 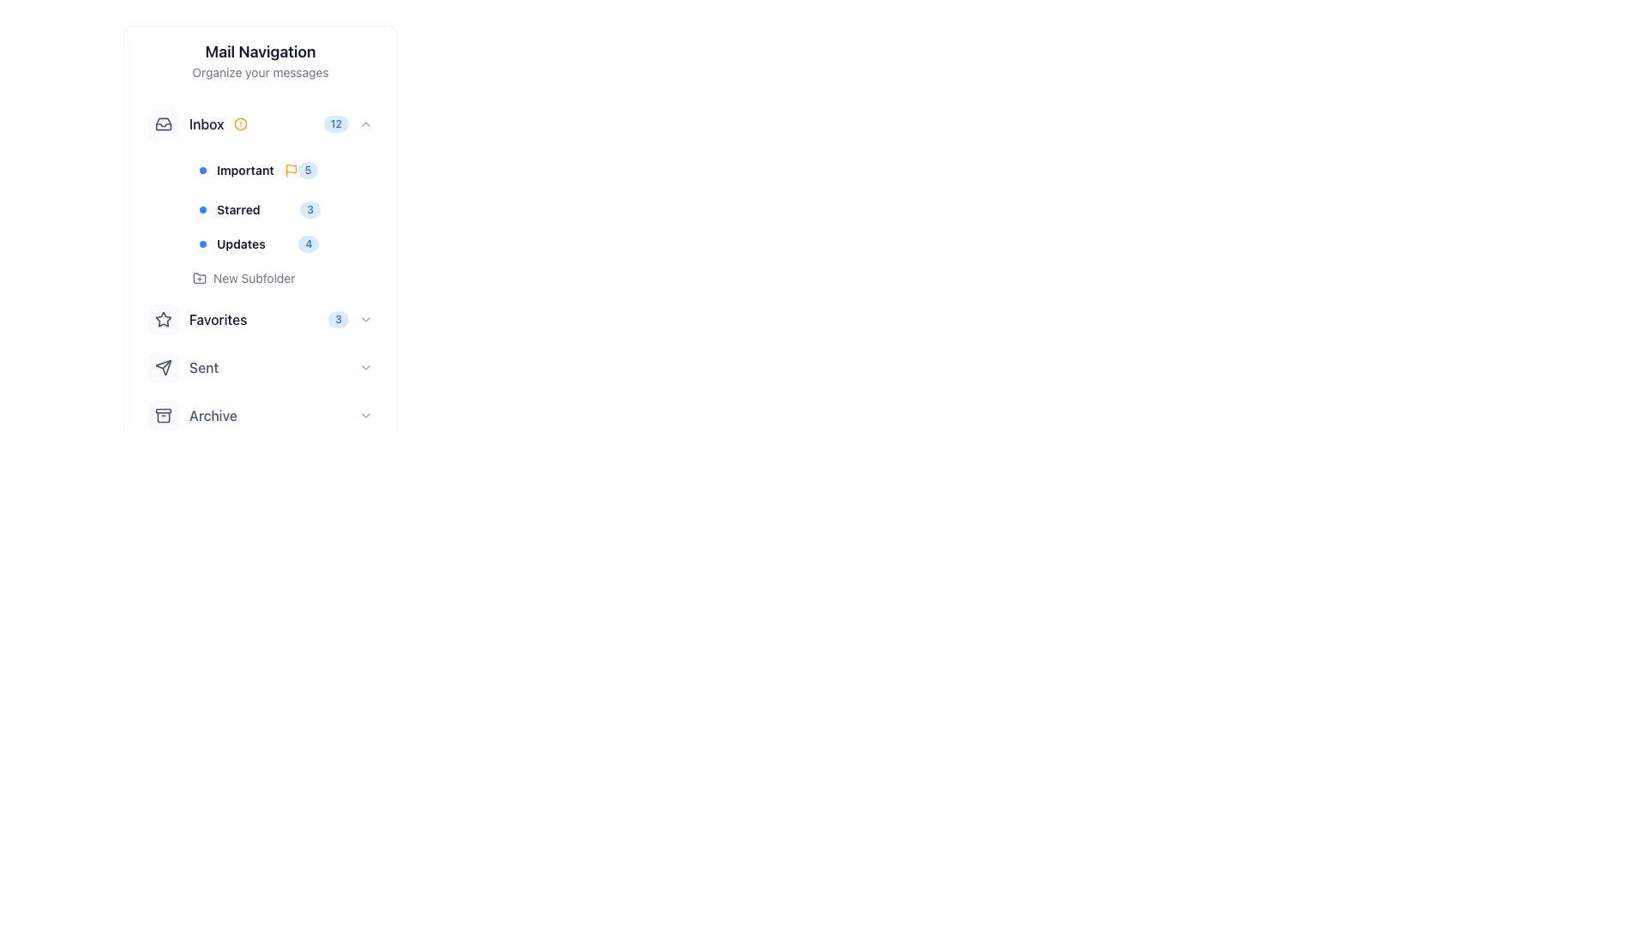 What do you see at coordinates (253, 277) in the screenshot?
I see `text content of the 'New Subfolder' label located under the 'Inbox' category in the main navigation section` at bounding box center [253, 277].